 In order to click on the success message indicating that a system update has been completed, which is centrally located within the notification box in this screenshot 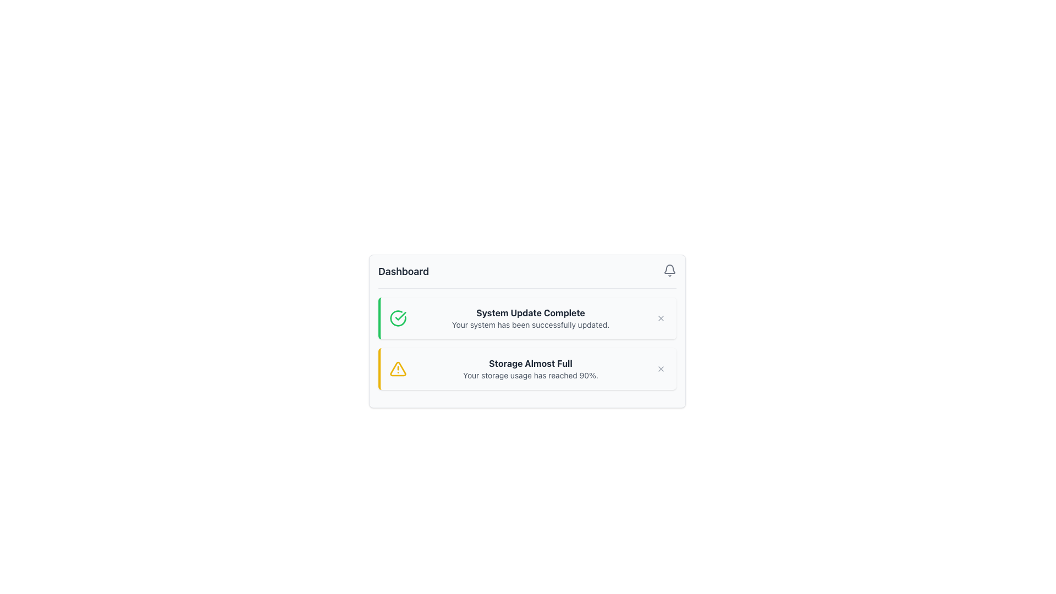, I will do `click(530, 318)`.